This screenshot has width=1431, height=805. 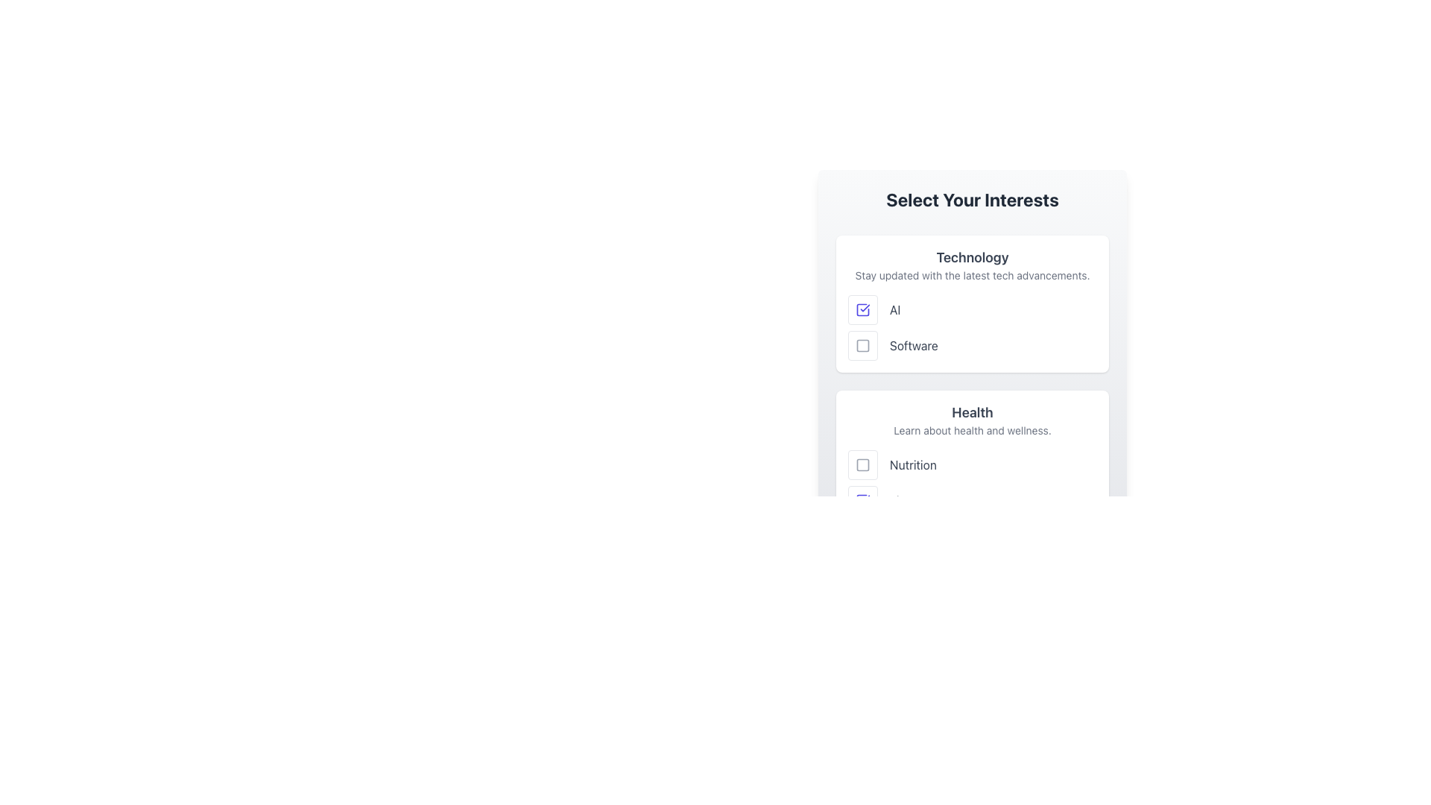 What do you see at coordinates (973, 458) in the screenshot?
I see `the checkboxes within the 'Health' card` at bounding box center [973, 458].